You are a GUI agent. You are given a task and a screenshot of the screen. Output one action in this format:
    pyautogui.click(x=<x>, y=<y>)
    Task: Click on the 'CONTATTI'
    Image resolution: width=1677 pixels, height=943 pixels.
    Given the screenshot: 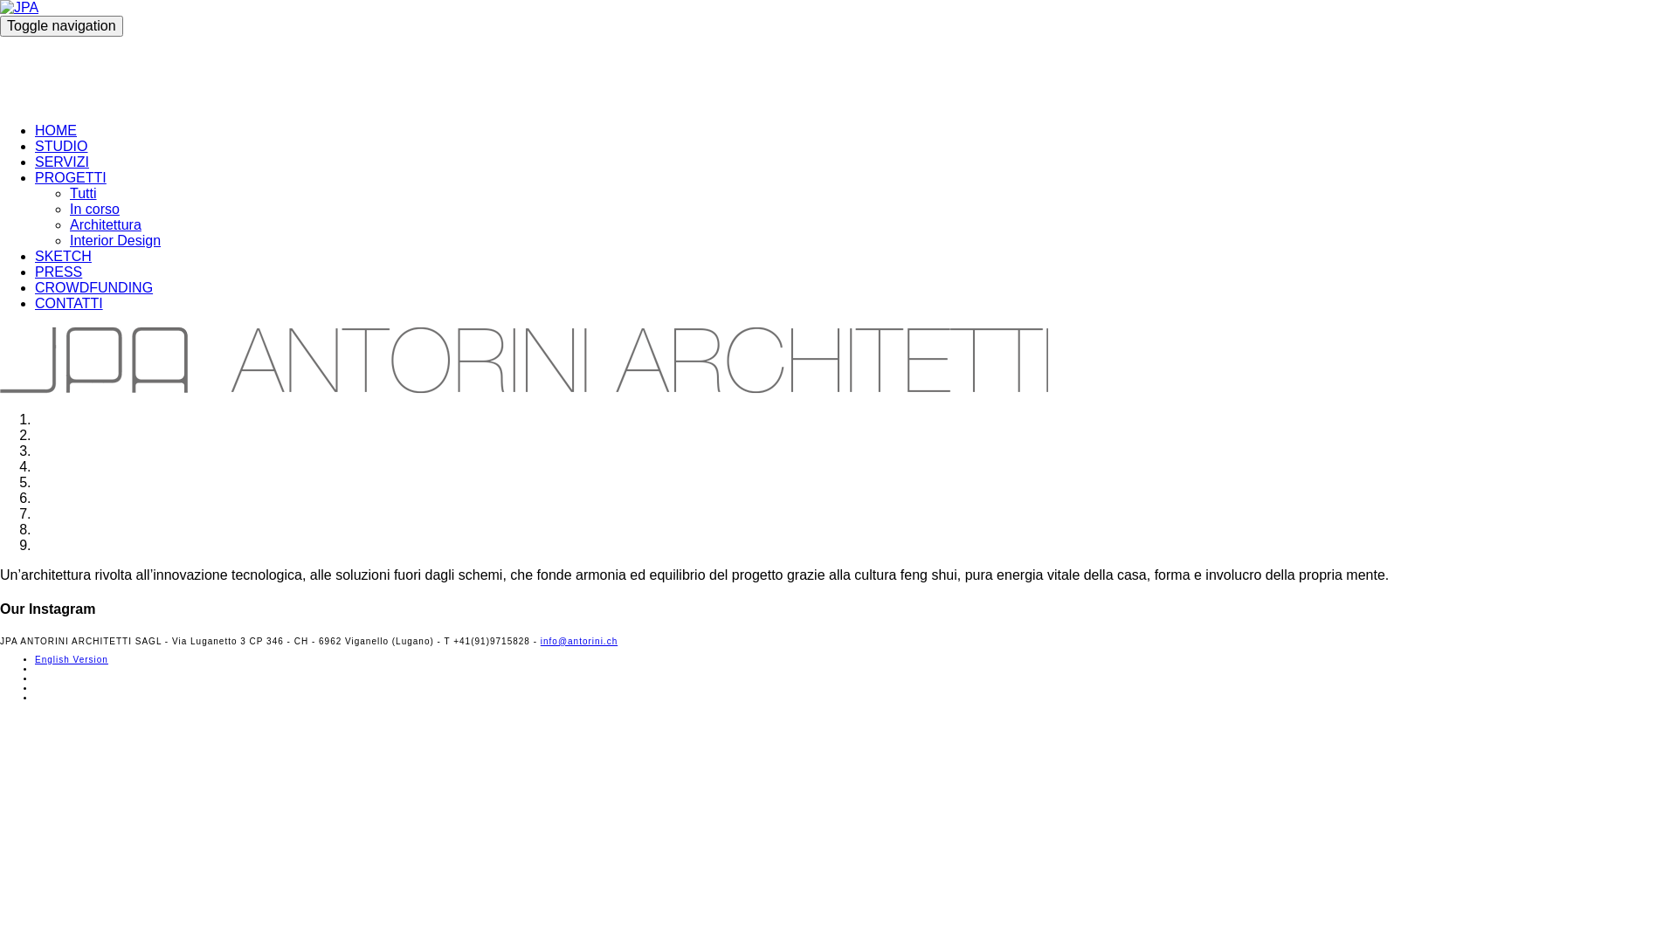 What is the action you would take?
    pyautogui.click(x=68, y=302)
    